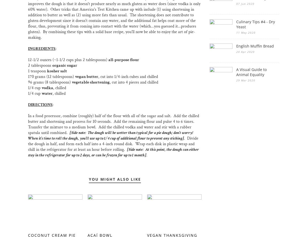 The image size is (307, 237). What do you see at coordinates (74, 76) in the screenshot?
I see `'vegan butter'` at bounding box center [74, 76].